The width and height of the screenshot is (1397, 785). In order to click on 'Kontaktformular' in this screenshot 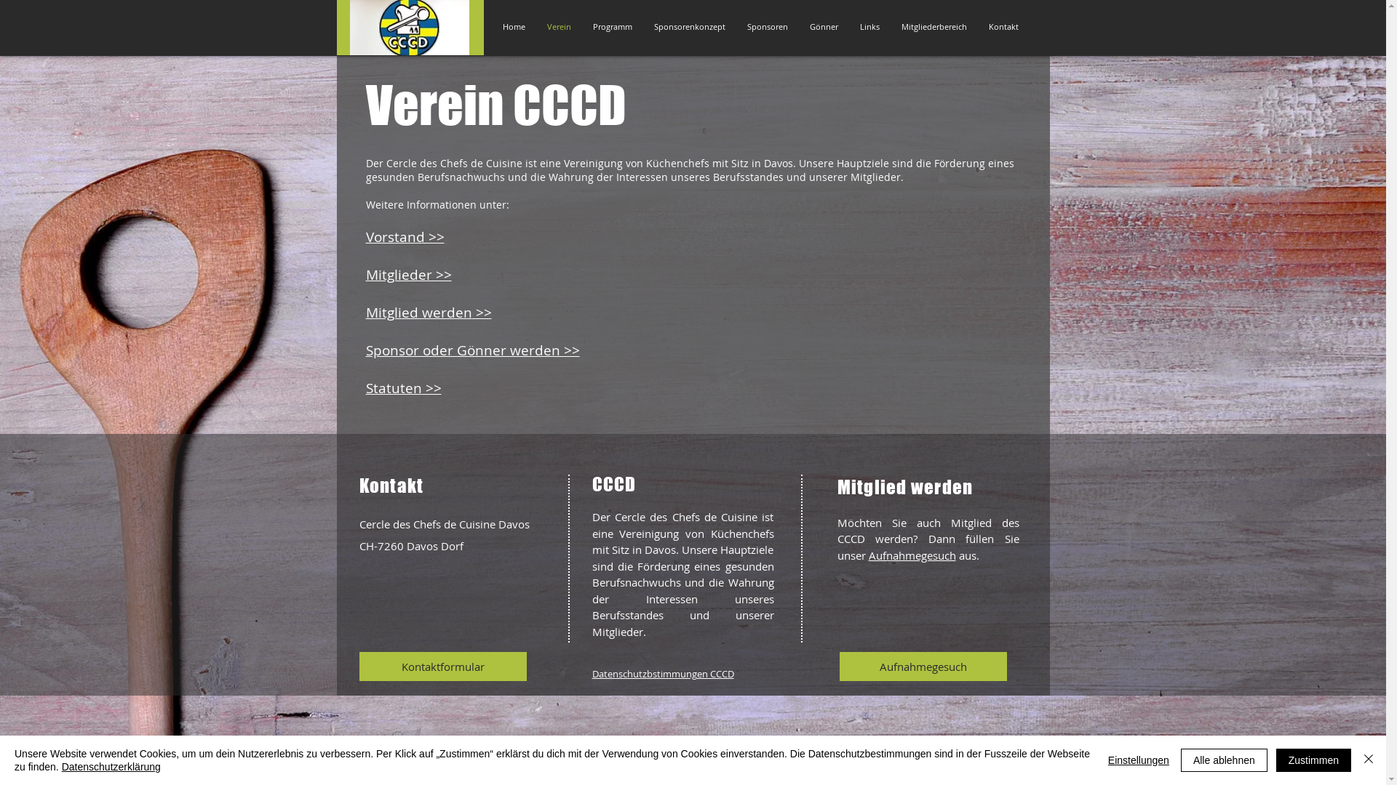, I will do `click(442, 667)`.